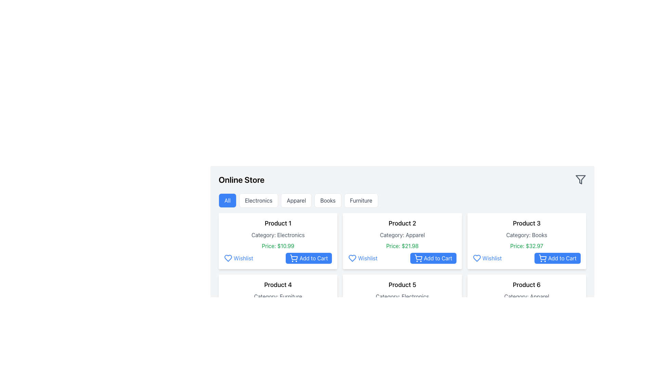  I want to click on the blue heart-shaped outline icon next to the 'Wishlist' text, so click(476, 258).